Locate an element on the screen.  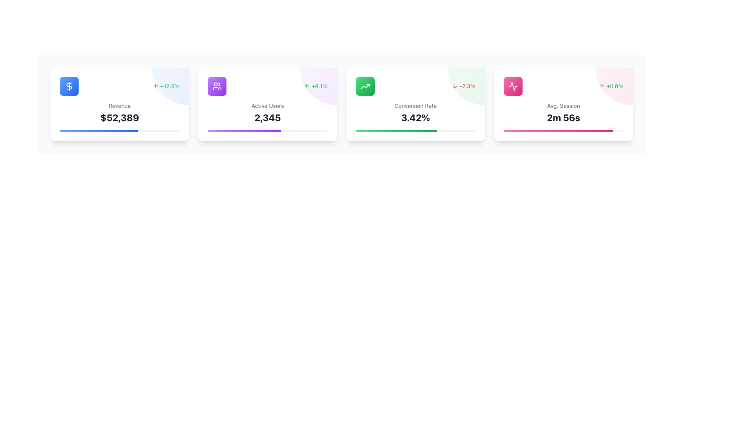
the Decorative background overlay located at the top-right corner of the 'Avg. Session' card, which visually emphasizes the area but does not interact directly with users is located at coordinates (613, 86).